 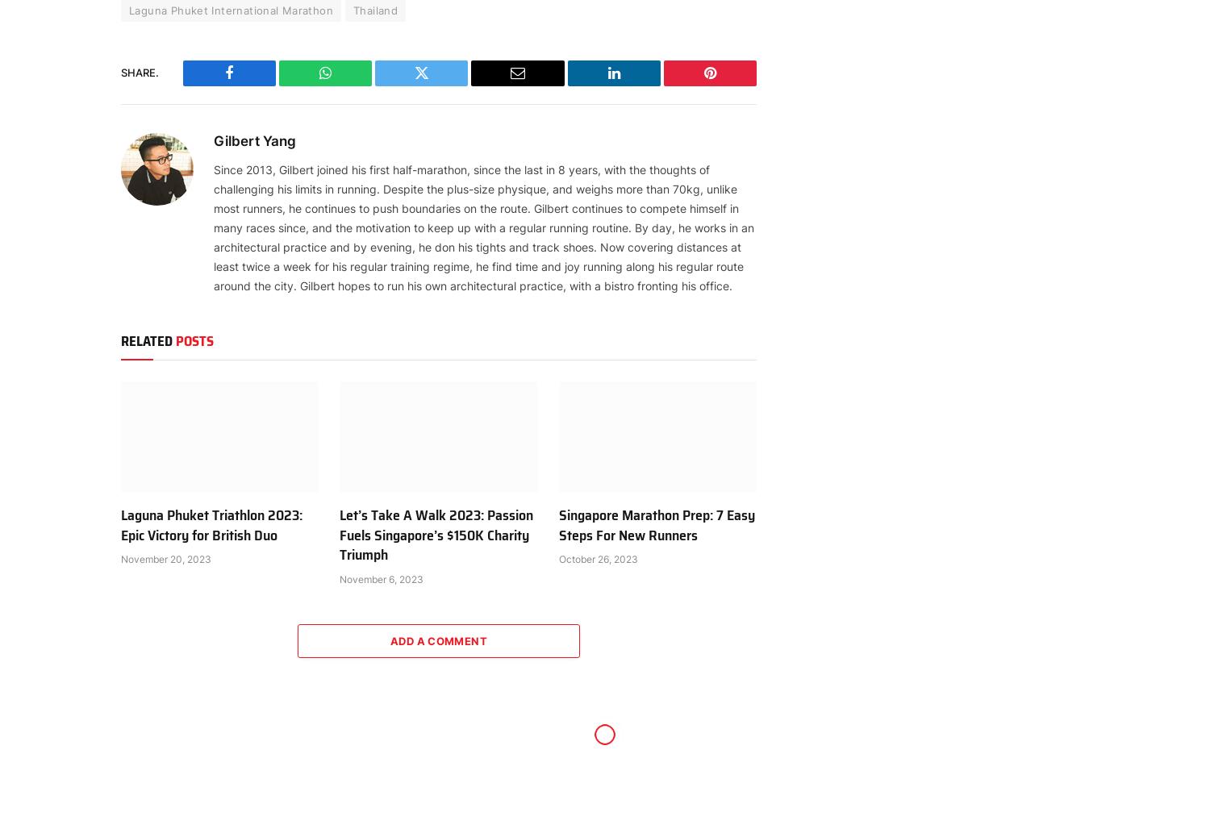 I want to click on 'November 20, 2023', so click(x=165, y=558).